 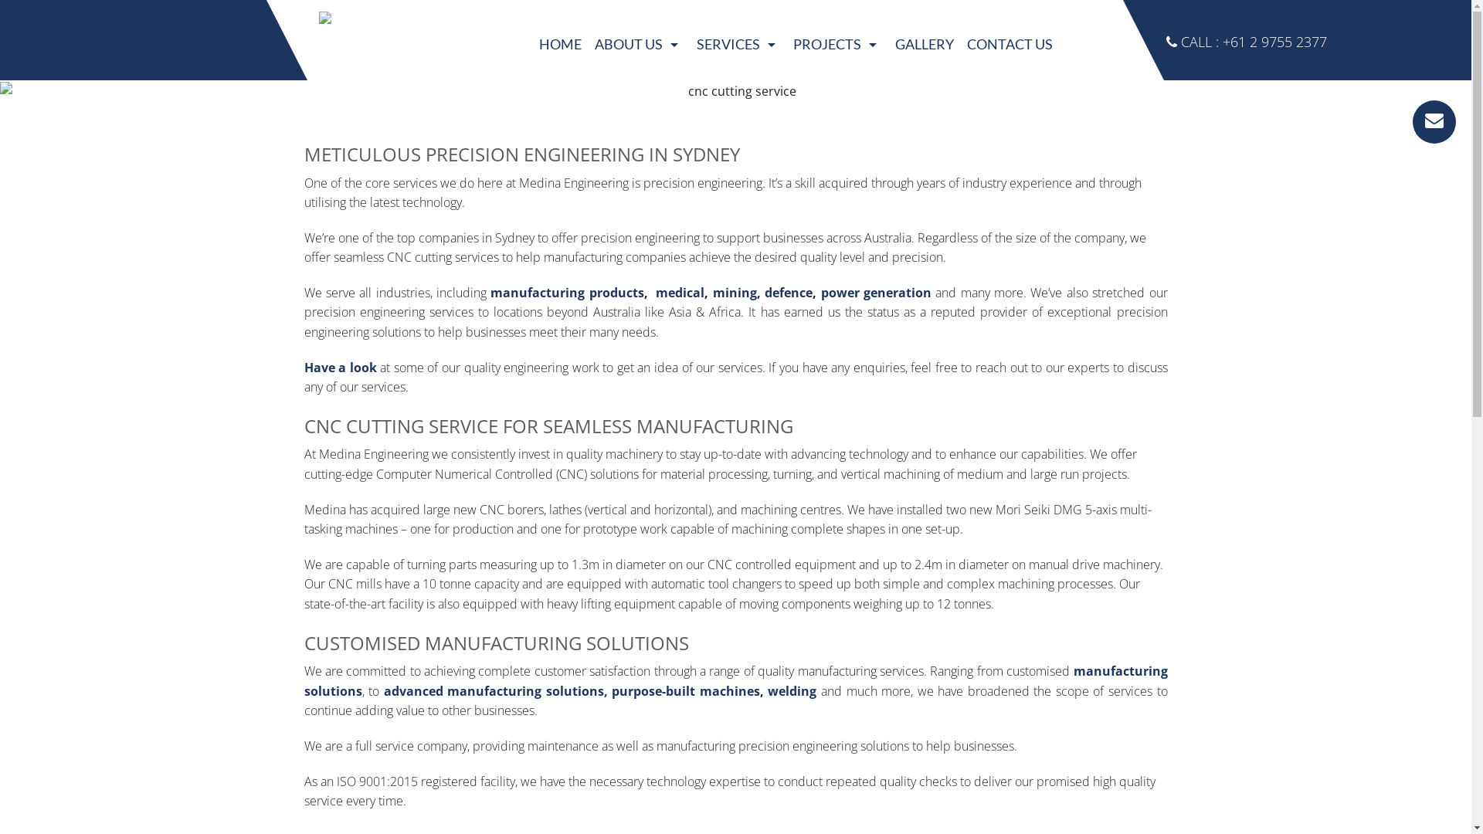 What do you see at coordinates (792, 690) in the screenshot?
I see `'welding'` at bounding box center [792, 690].